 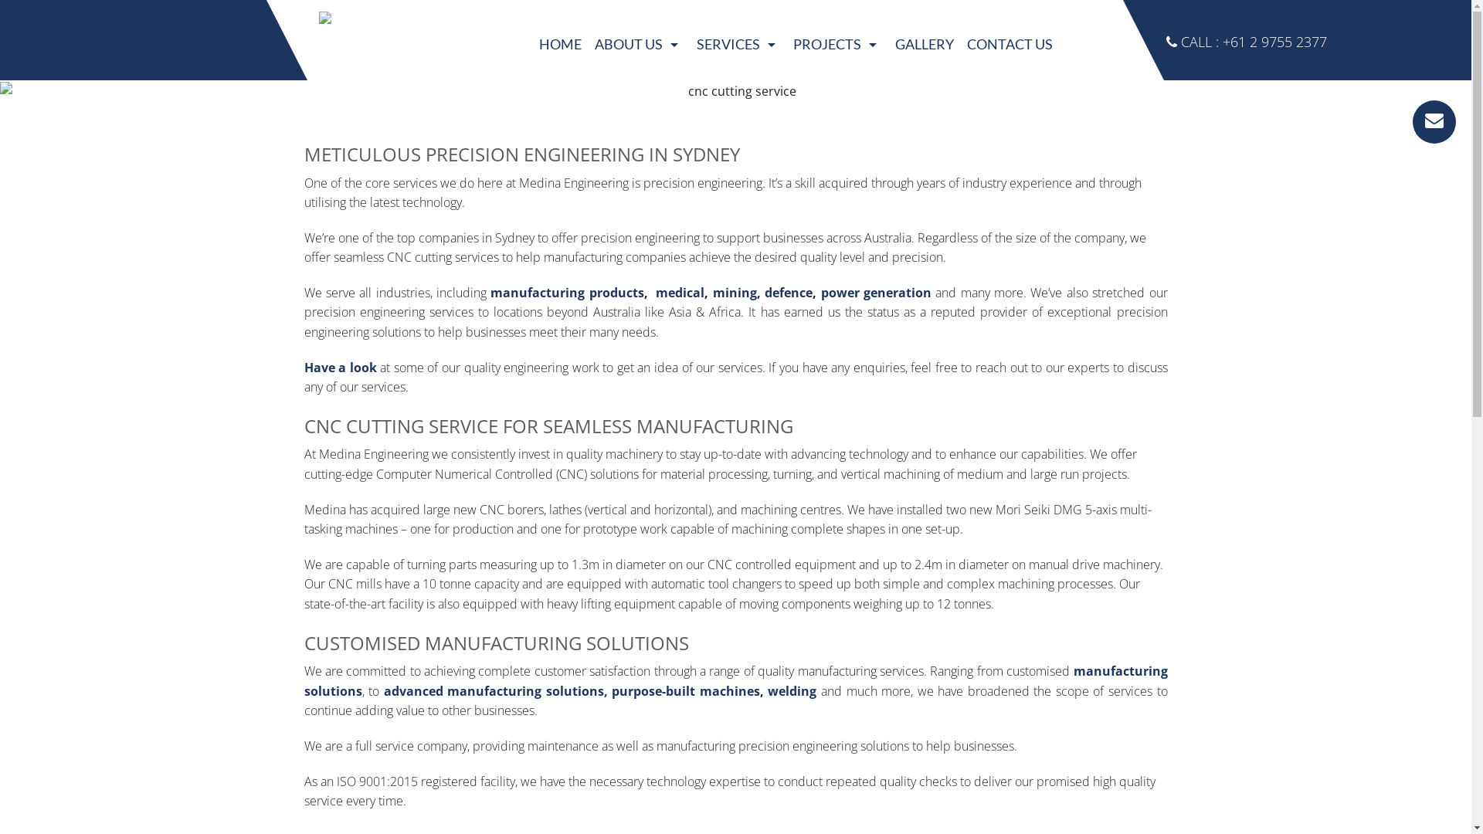 What do you see at coordinates (792, 690) in the screenshot?
I see `'welding'` at bounding box center [792, 690].